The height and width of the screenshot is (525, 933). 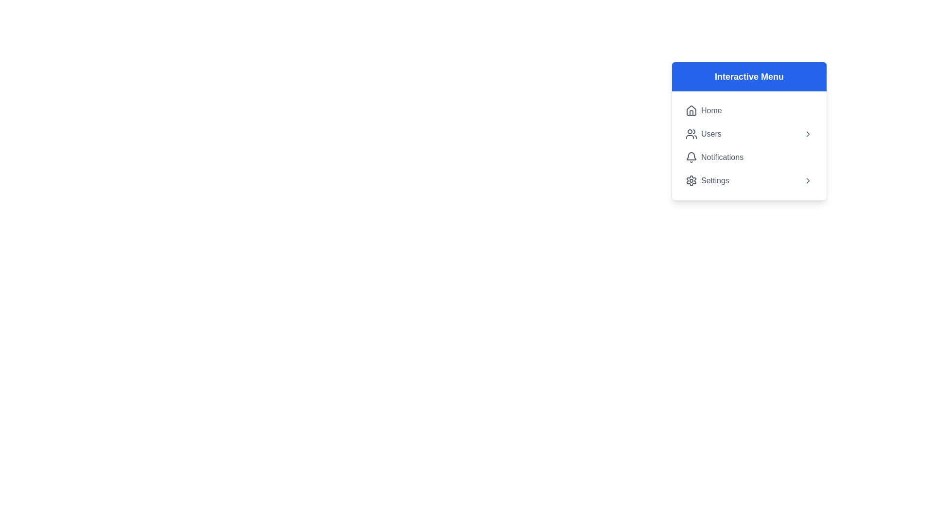 I want to click on the navigation menu located in the top-right section of the application, so click(x=782, y=178).